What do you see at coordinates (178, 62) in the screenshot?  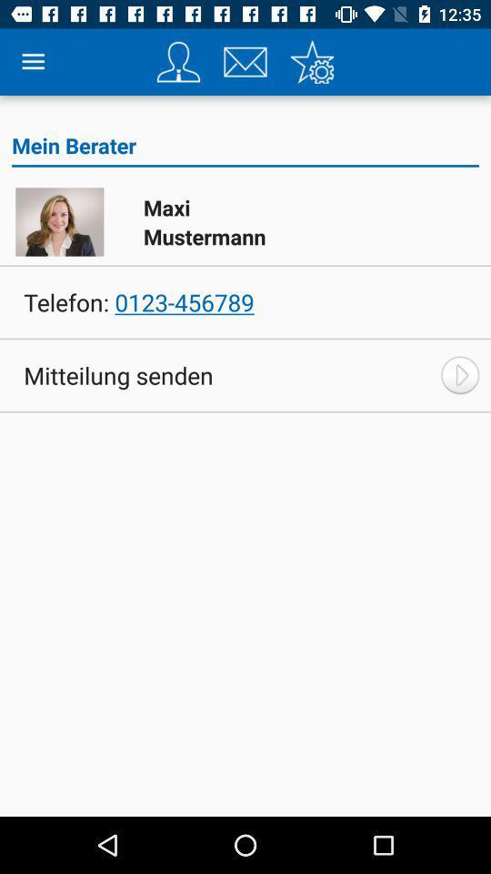 I see `item above mein berater icon` at bounding box center [178, 62].